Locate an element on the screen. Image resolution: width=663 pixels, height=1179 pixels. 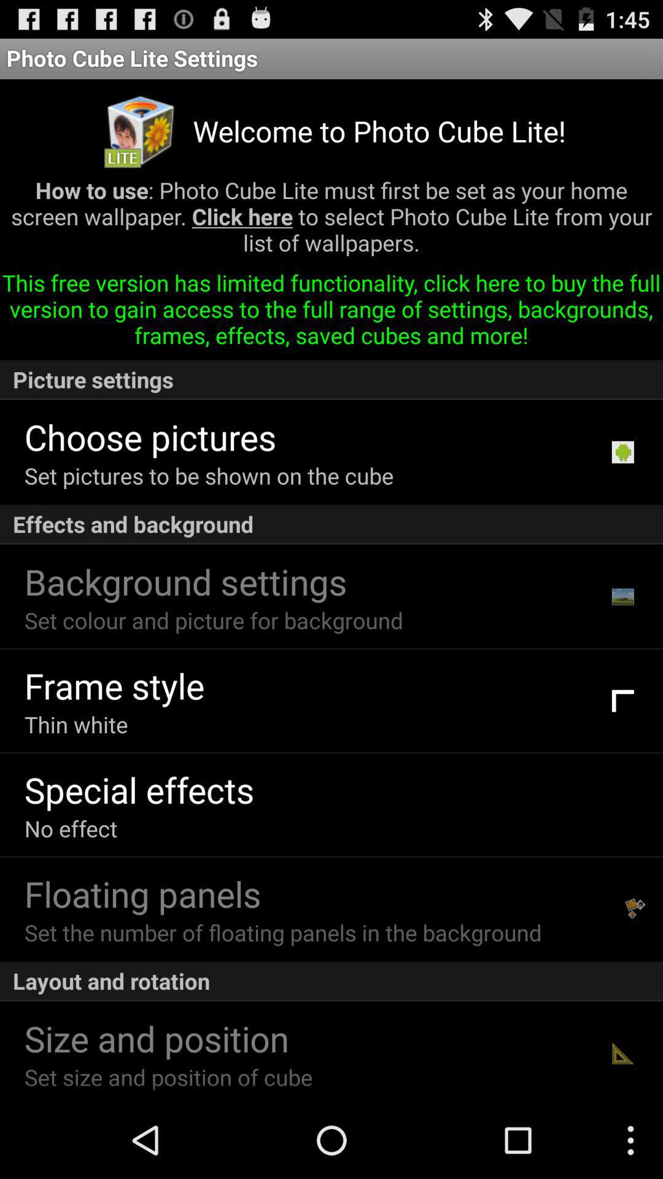
the item above set colour and item is located at coordinates (185, 580).